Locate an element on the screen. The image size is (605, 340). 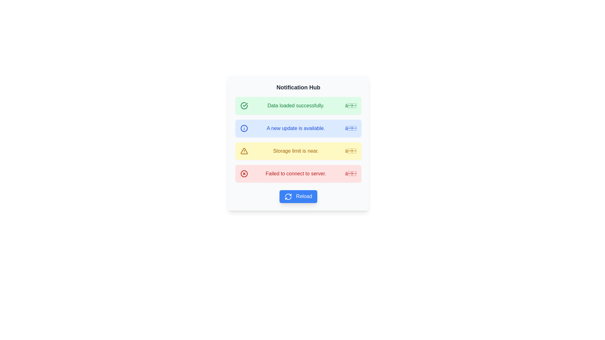
the circular informational icon with a blue outline, located to the left of the text 'A new update is available.' is located at coordinates (244, 128).